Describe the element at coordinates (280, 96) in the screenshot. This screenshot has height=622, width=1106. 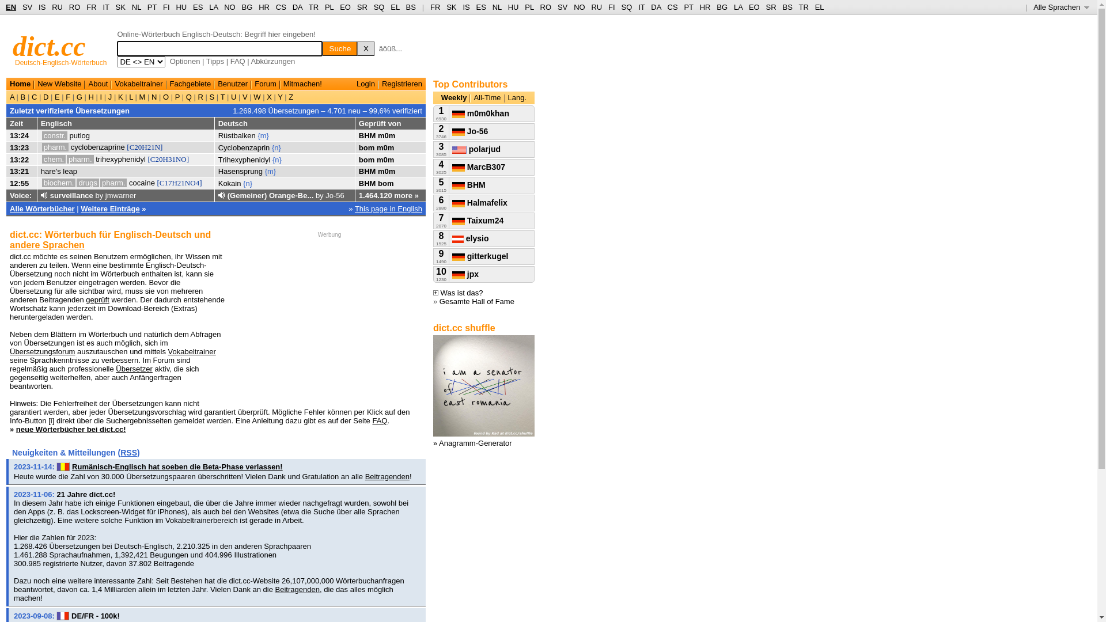
I see `'Y'` at that location.